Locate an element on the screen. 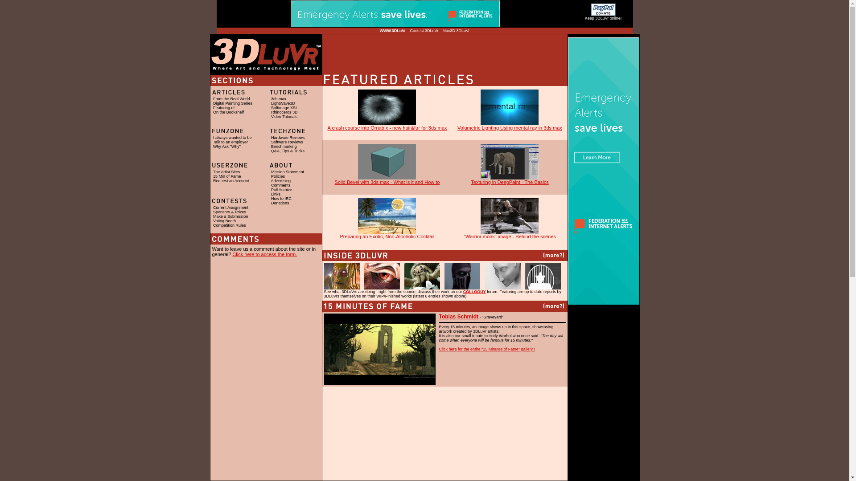  'Policies' is located at coordinates (277, 176).